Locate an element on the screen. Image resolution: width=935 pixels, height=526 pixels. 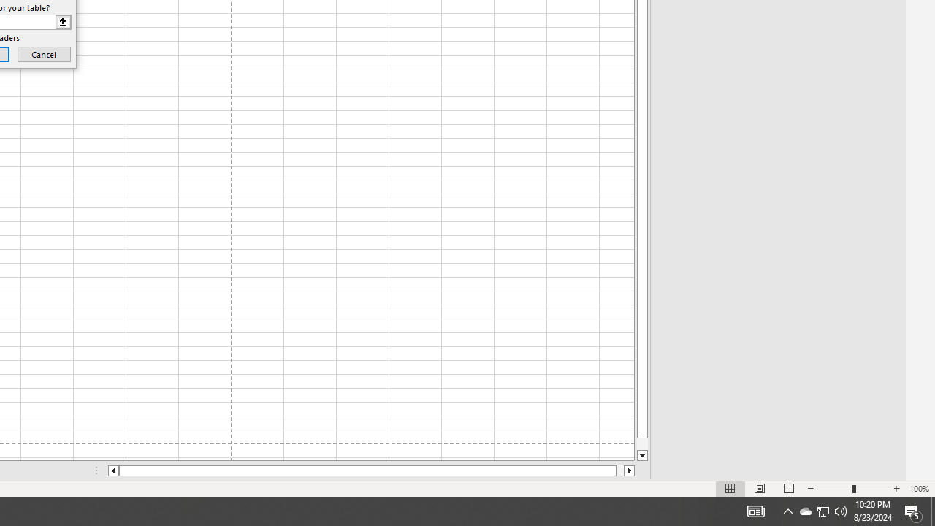
'Page right' is located at coordinates (619, 470).